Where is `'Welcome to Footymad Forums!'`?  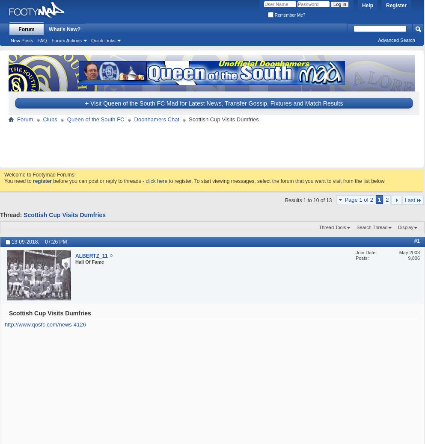
'Welcome to Footymad Forums!' is located at coordinates (39, 174).